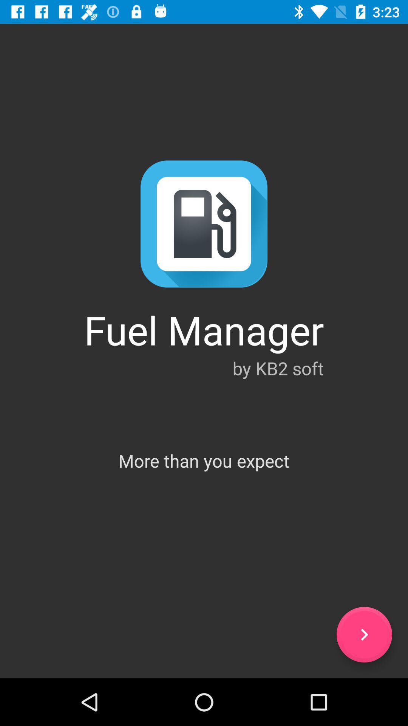 The height and width of the screenshot is (726, 408). I want to click on the arrow_forward icon, so click(364, 634).